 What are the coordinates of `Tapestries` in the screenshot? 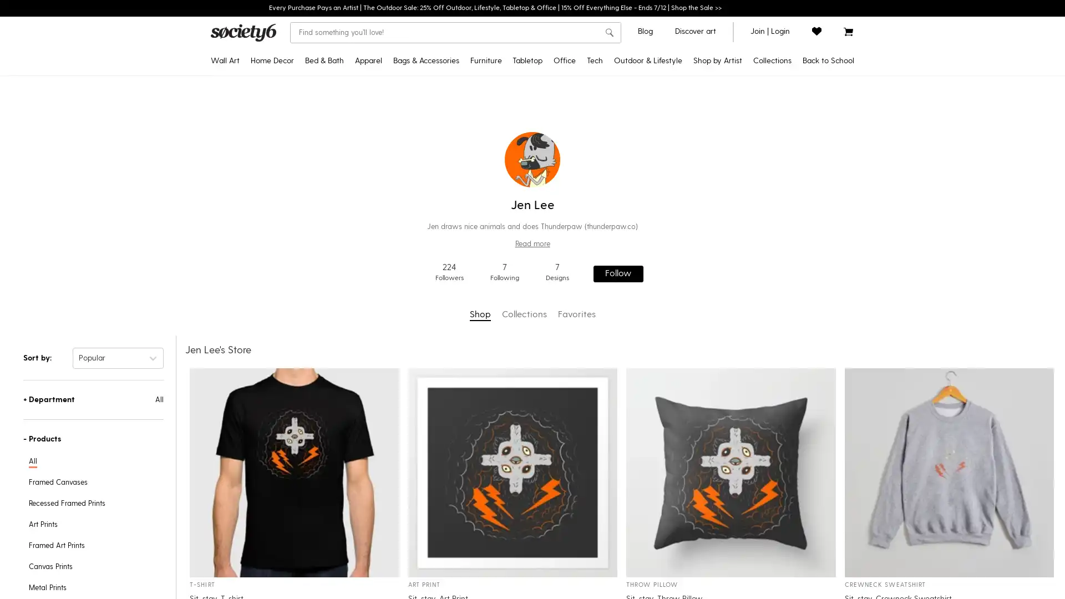 It's located at (293, 89).